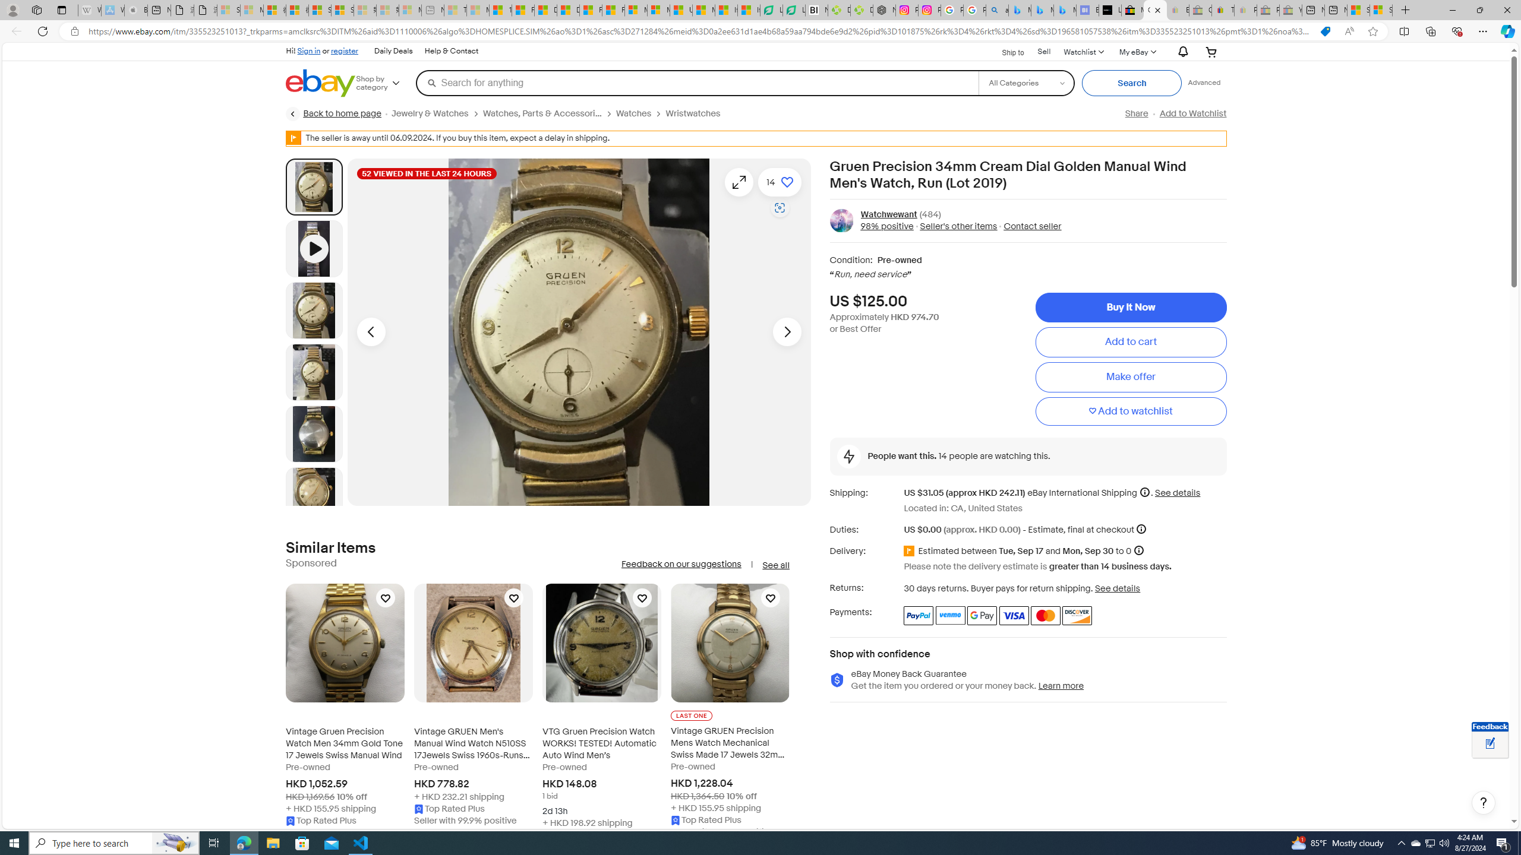 The image size is (1521, 855). I want to click on 'Buy It Now', so click(1131, 307).